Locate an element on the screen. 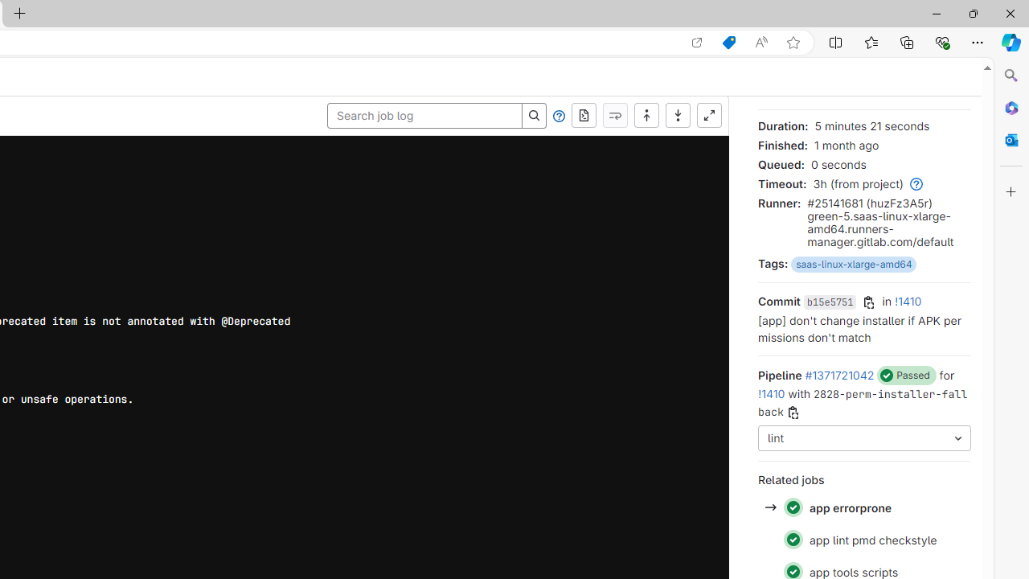 This screenshot has width=1029, height=579. 'Shopping in Microsoft Edge' is located at coordinates (728, 42).